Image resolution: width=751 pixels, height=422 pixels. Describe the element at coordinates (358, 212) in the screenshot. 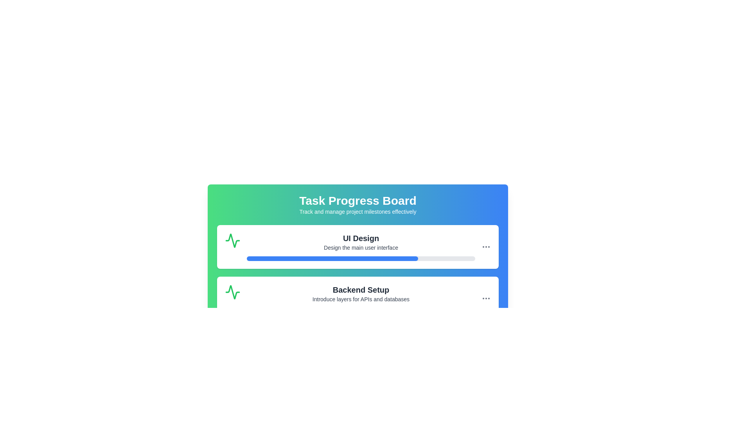

I see `descriptive text label located below the 'Task Progress Board' title, which explains the purpose or functionality of this section` at that location.